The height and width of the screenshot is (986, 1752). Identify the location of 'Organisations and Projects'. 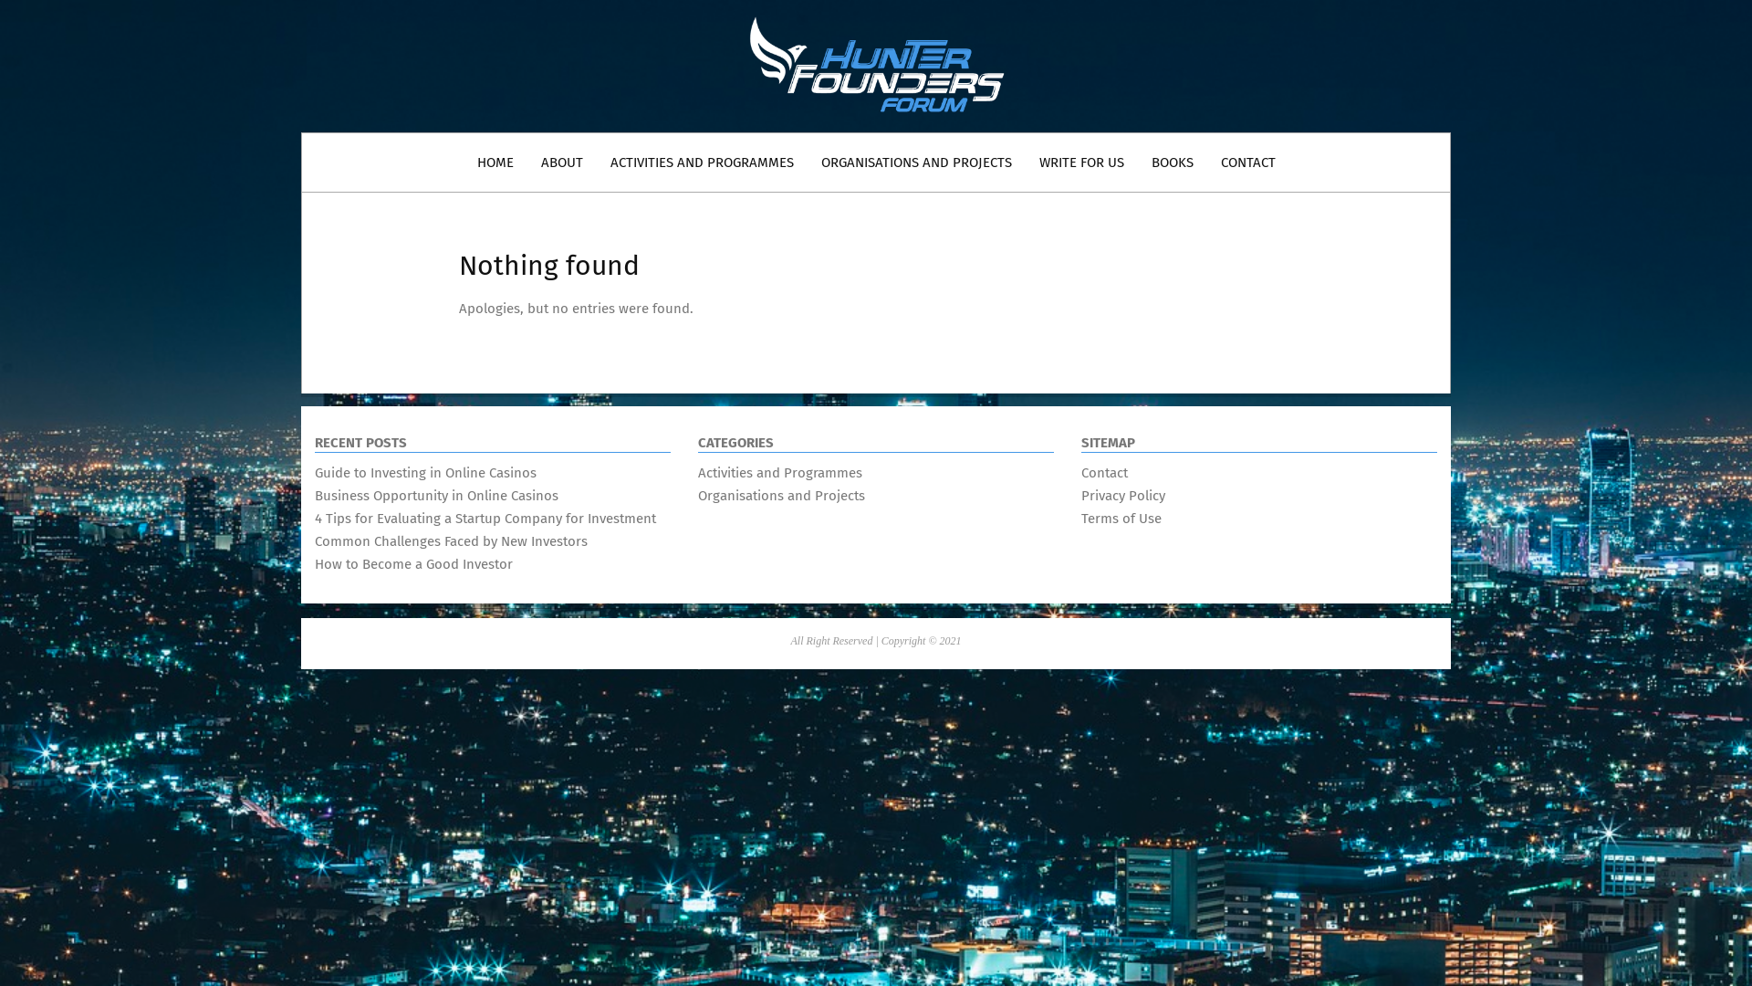
(781, 496).